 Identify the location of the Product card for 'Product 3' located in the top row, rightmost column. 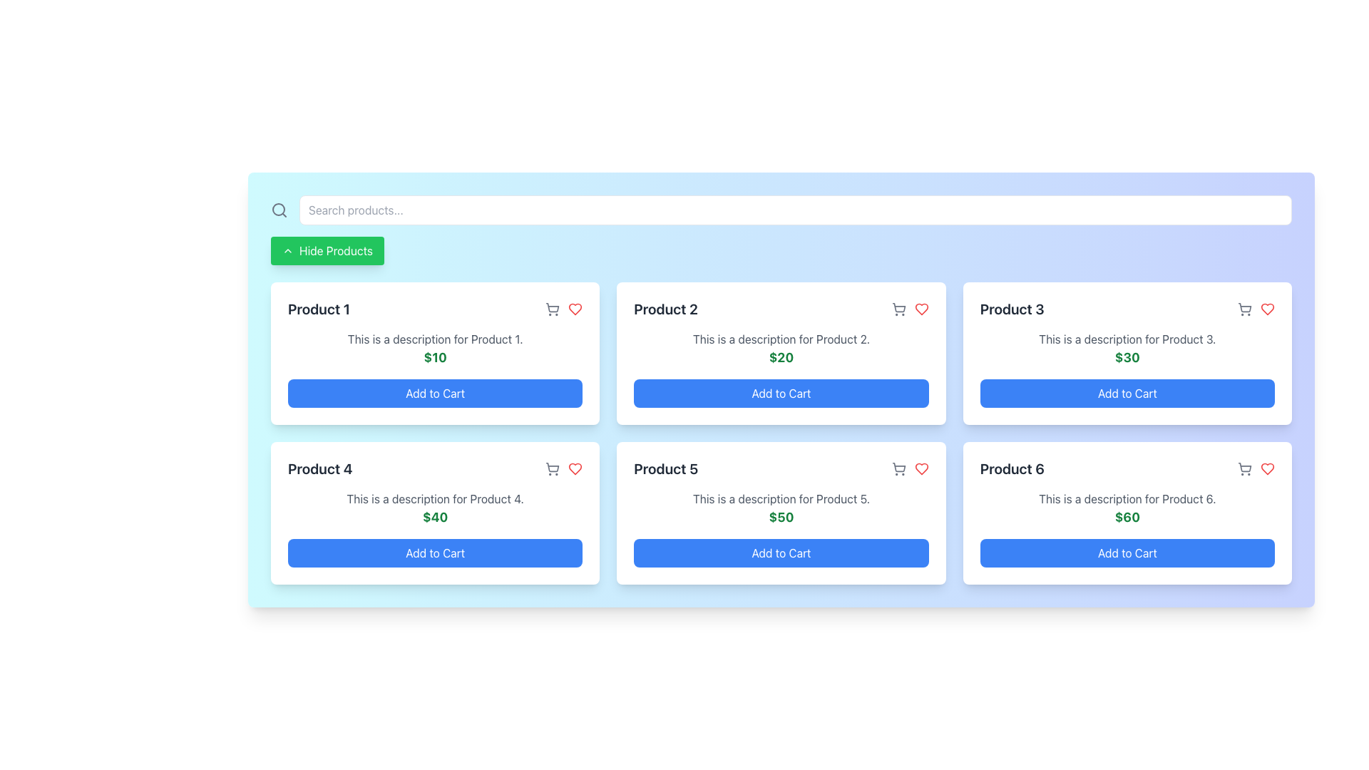
(1127, 353).